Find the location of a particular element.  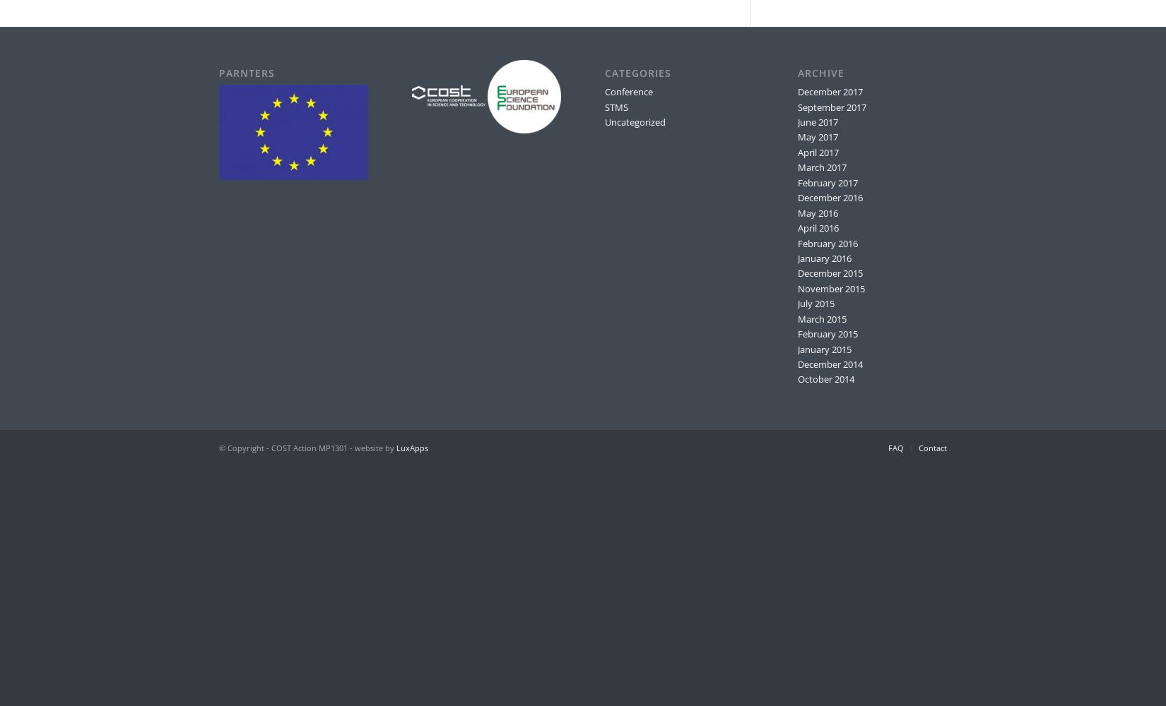

'January 2015' is located at coordinates (824, 348).